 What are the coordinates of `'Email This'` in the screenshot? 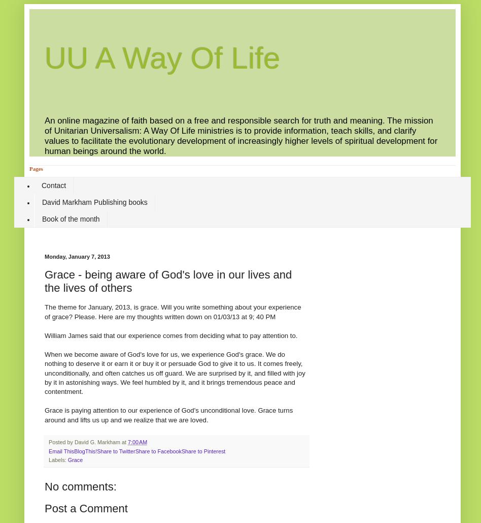 It's located at (60, 450).